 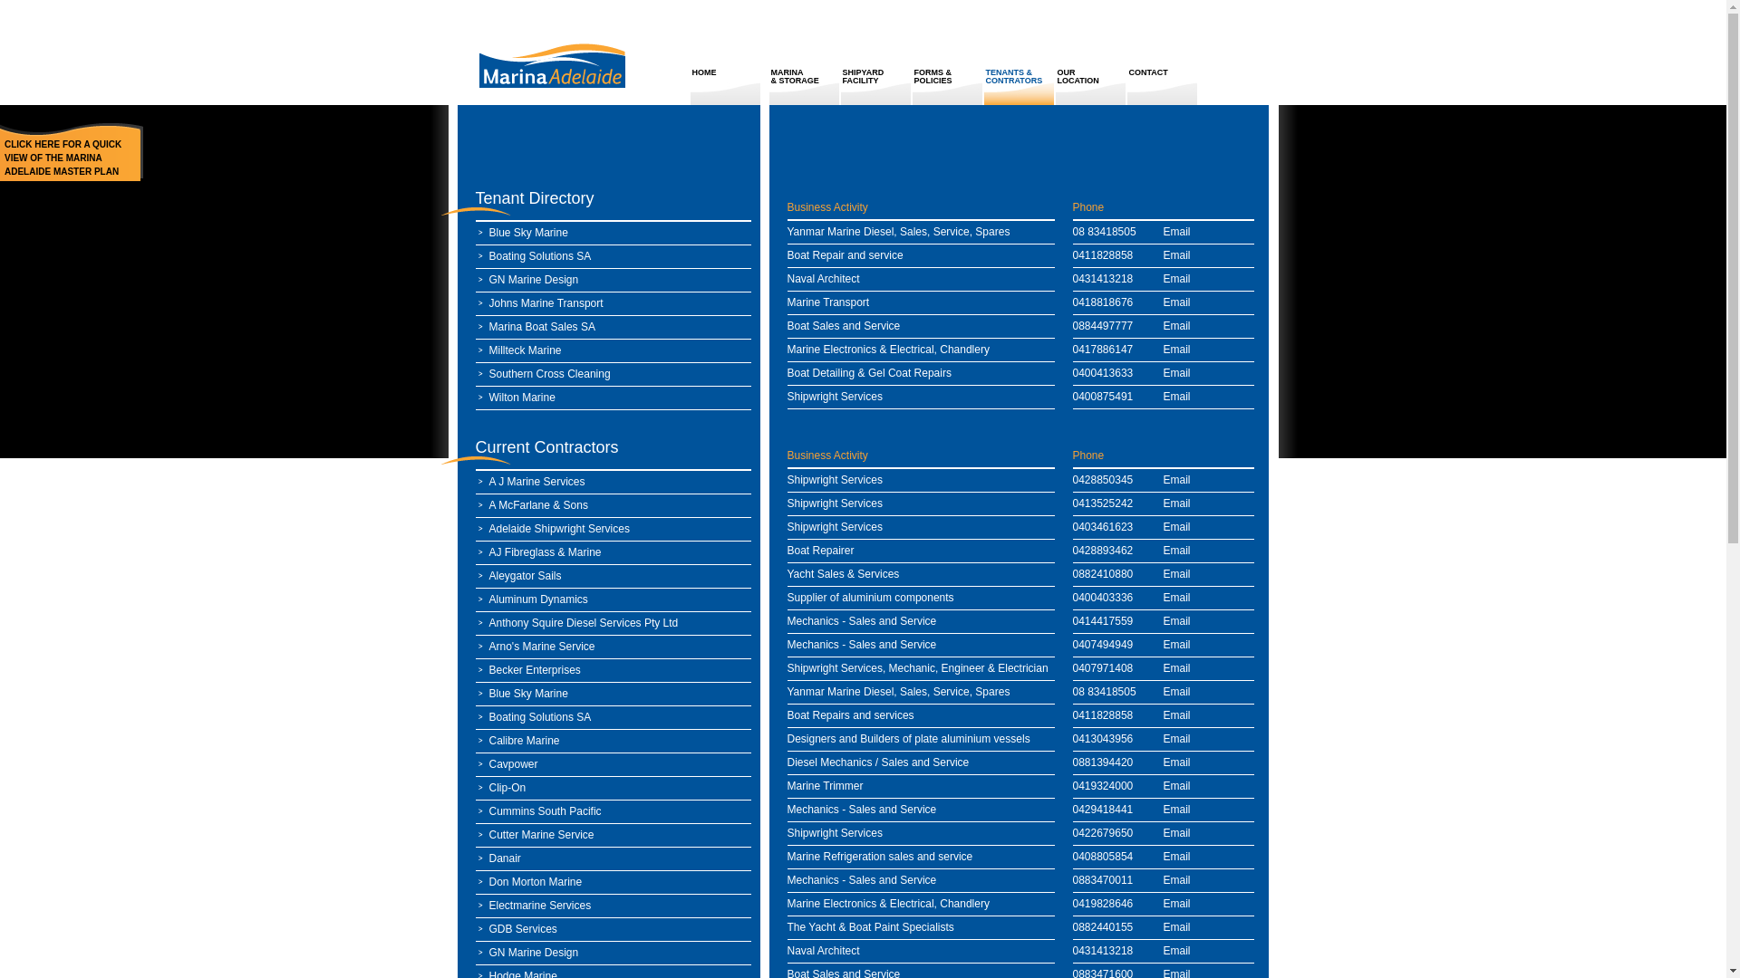 What do you see at coordinates (1177, 324) in the screenshot?
I see `'Email'` at bounding box center [1177, 324].